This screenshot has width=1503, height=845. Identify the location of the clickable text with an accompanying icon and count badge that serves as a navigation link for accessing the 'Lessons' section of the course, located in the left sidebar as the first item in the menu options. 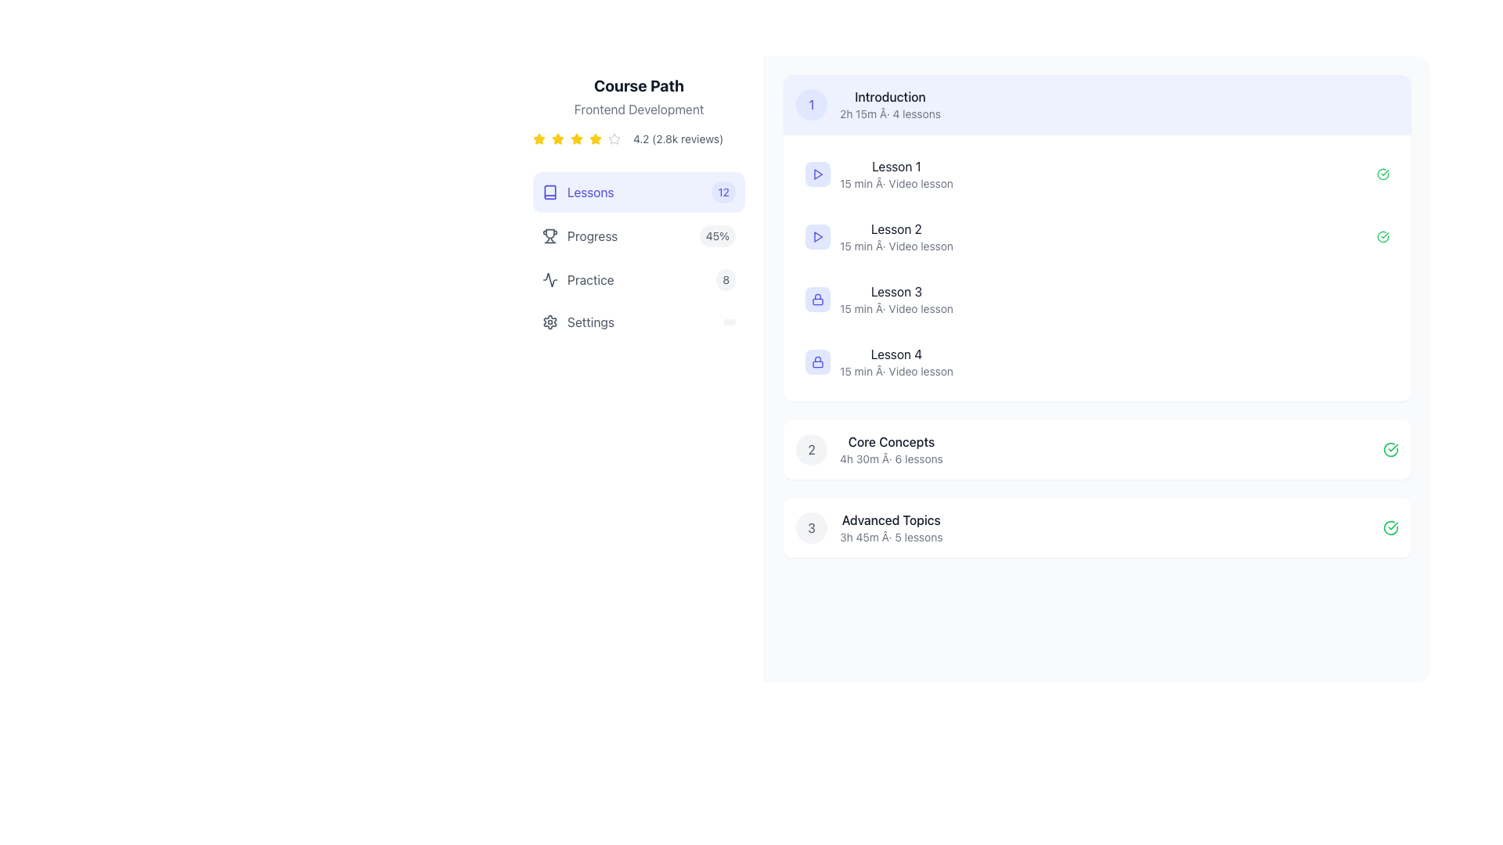
(577, 192).